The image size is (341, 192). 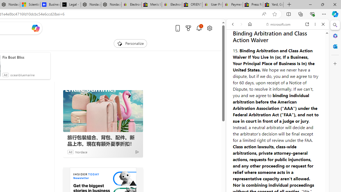 I want to click on 'Ad', so click(x=70, y=152).